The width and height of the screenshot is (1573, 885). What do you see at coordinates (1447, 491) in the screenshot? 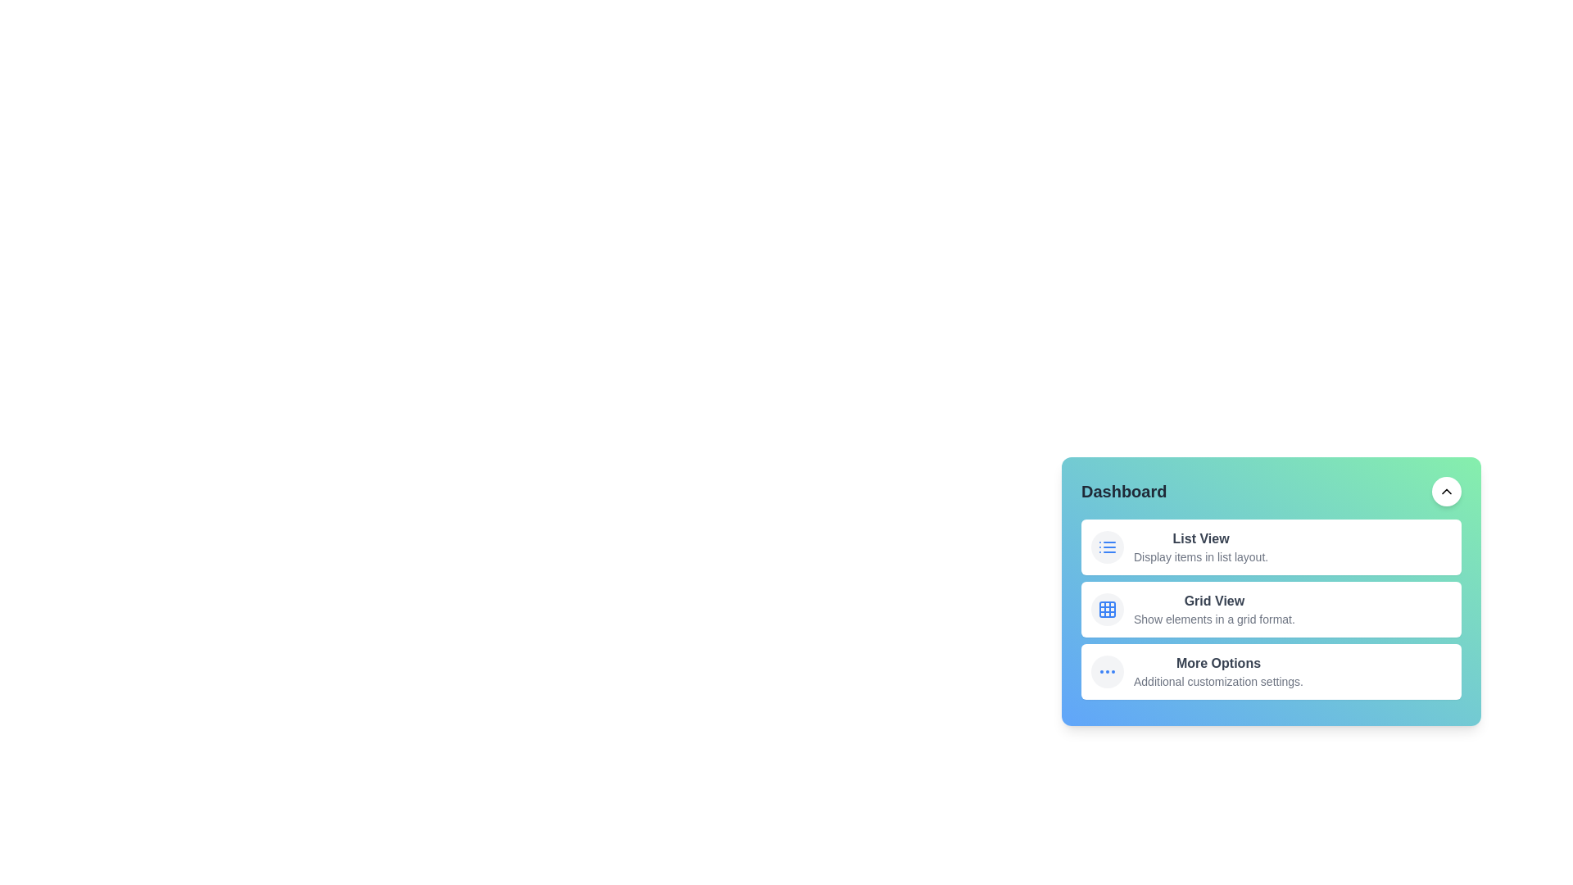
I see `expand/collapse button to toggle the menu visibility` at bounding box center [1447, 491].